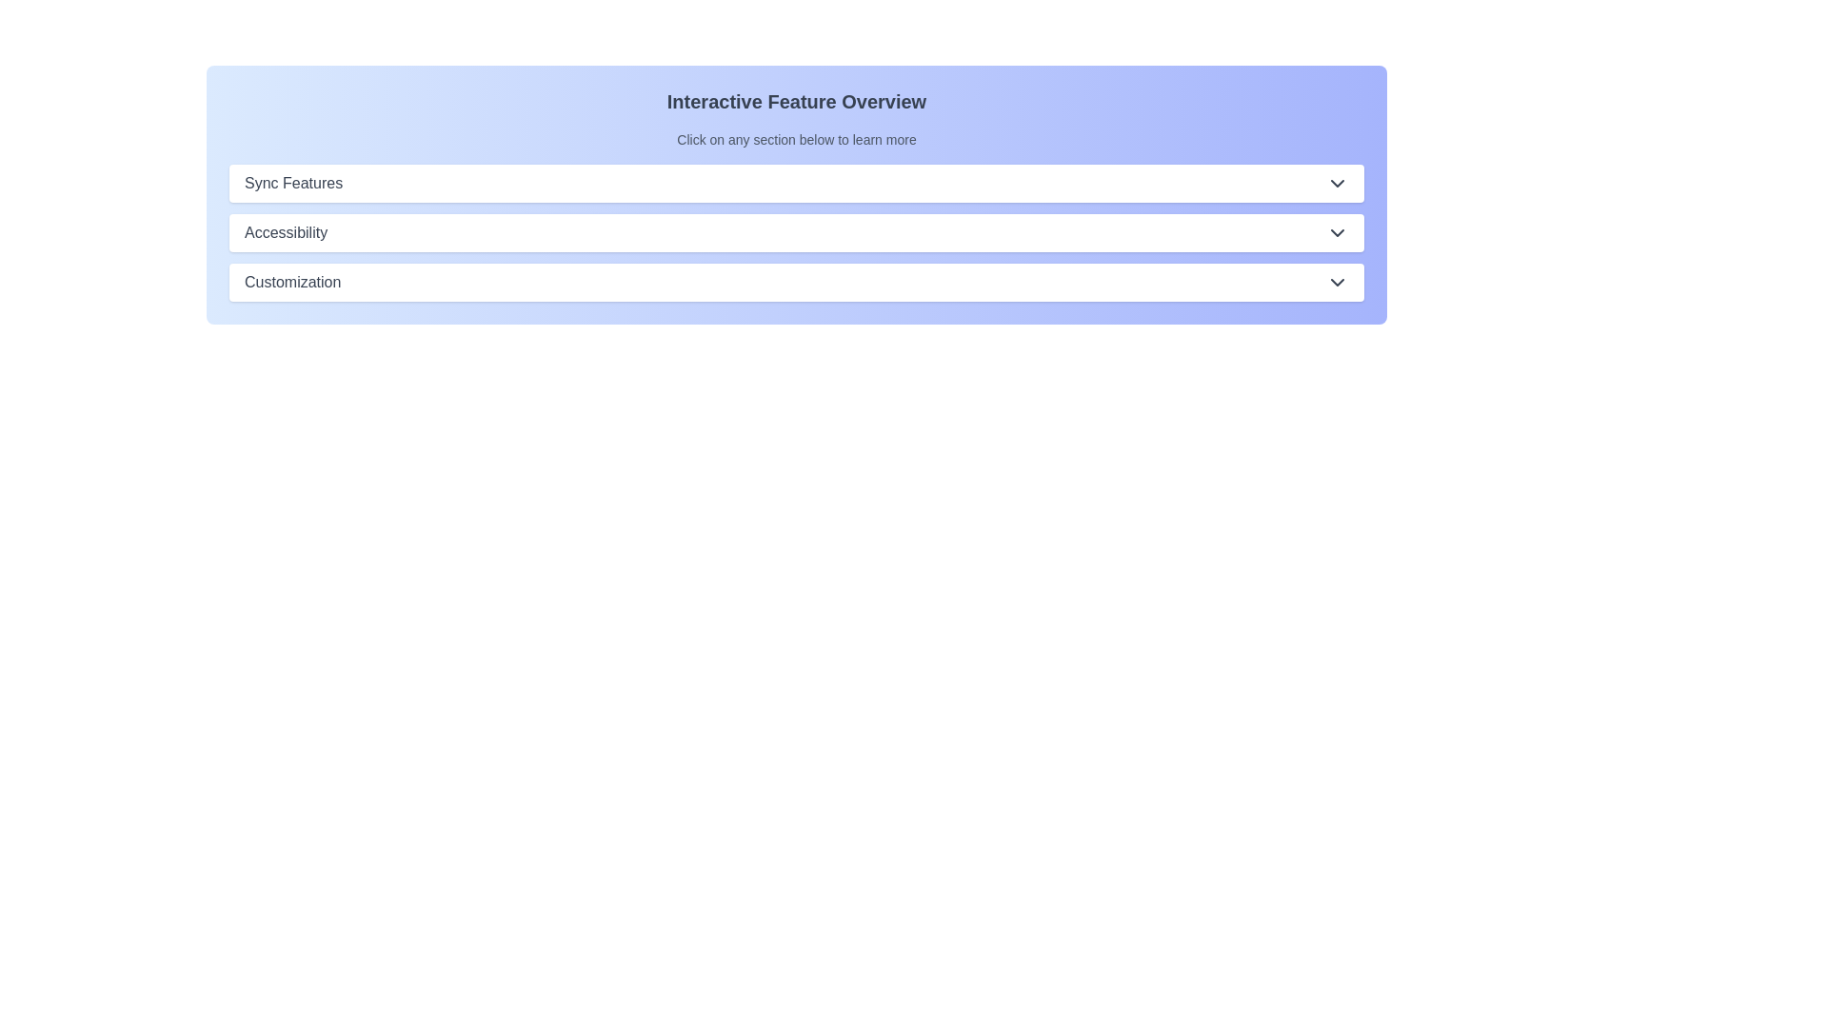 This screenshot has height=1028, width=1828. What do you see at coordinates (292, 183) in the screenshot?
I see `text label that serves as the title for the first collapsible section, positioned to the left of a downward arrow icon` at bounding box center [292, 183].